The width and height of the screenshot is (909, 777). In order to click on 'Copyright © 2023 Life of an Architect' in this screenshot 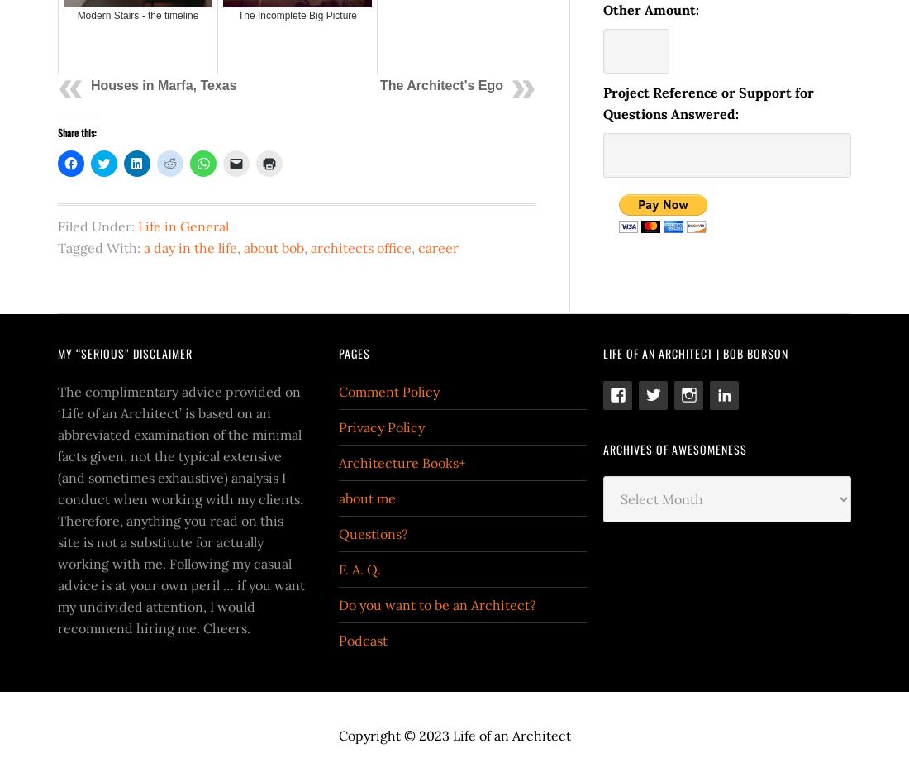, I will do `click(454, 734)`.